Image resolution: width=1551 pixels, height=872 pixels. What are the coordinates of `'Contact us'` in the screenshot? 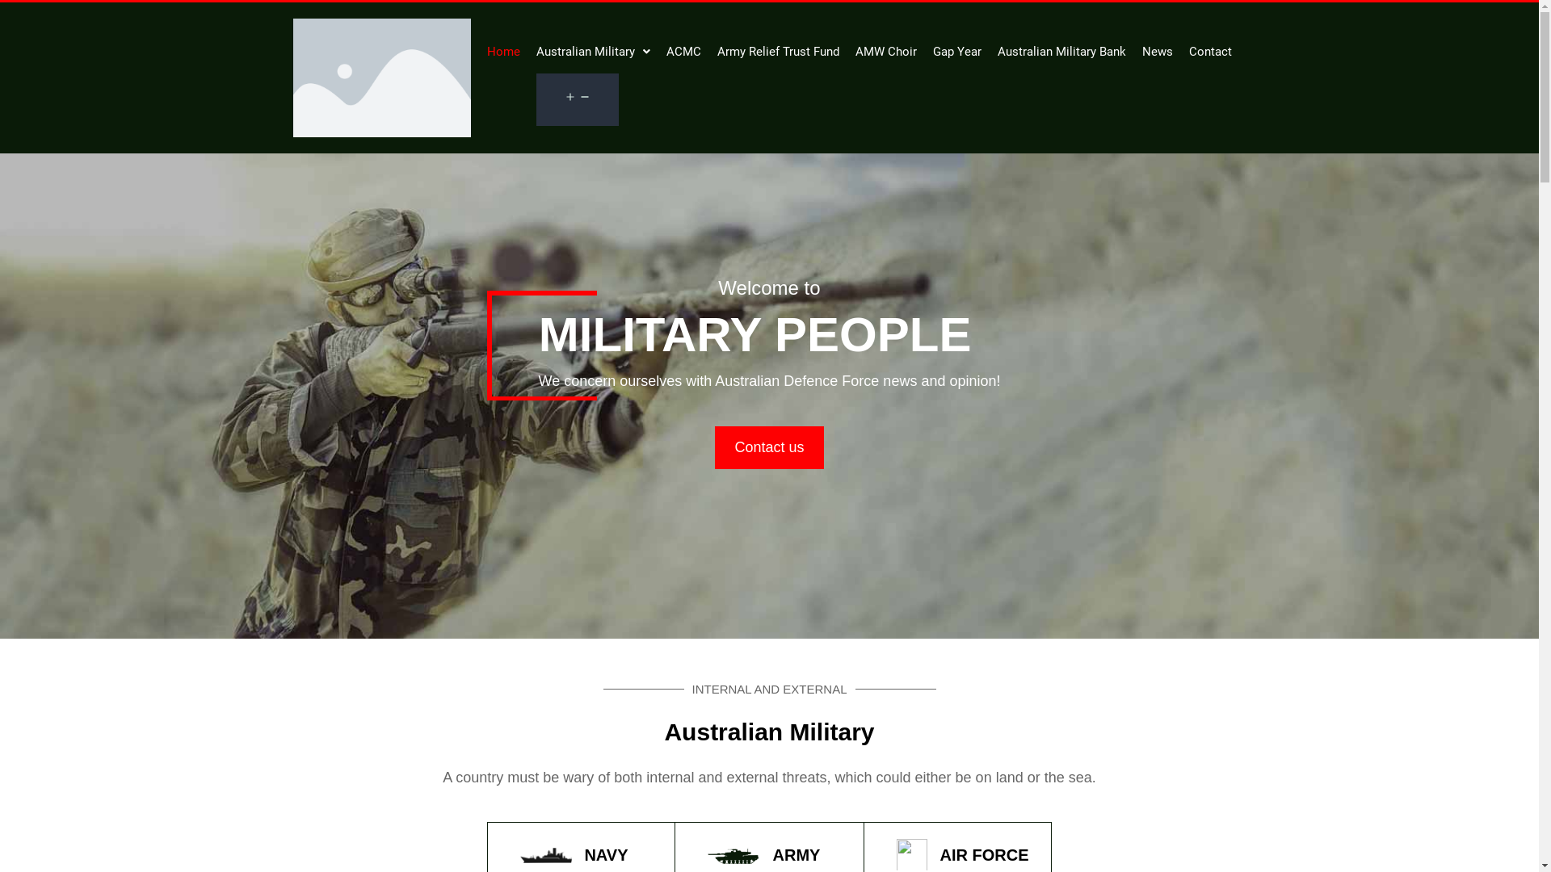 It's located at (713, 447).